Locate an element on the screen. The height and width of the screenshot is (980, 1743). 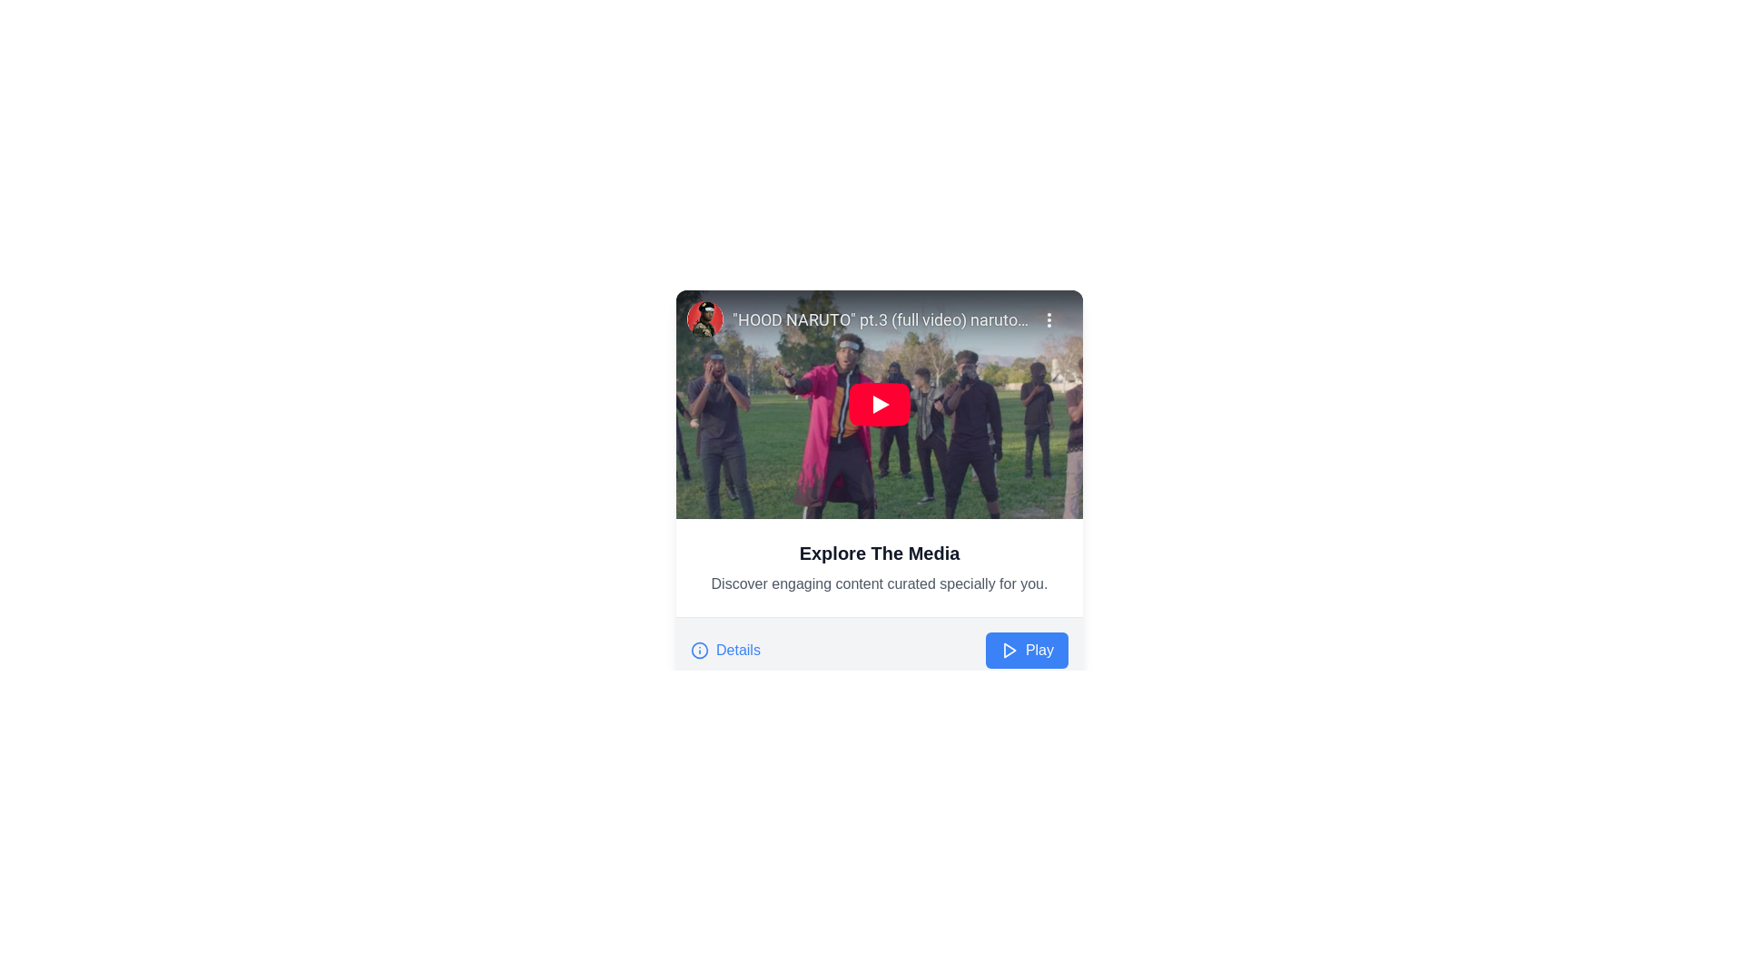
the 'Details' text link with the information icon is located at coordinates (724, 650).